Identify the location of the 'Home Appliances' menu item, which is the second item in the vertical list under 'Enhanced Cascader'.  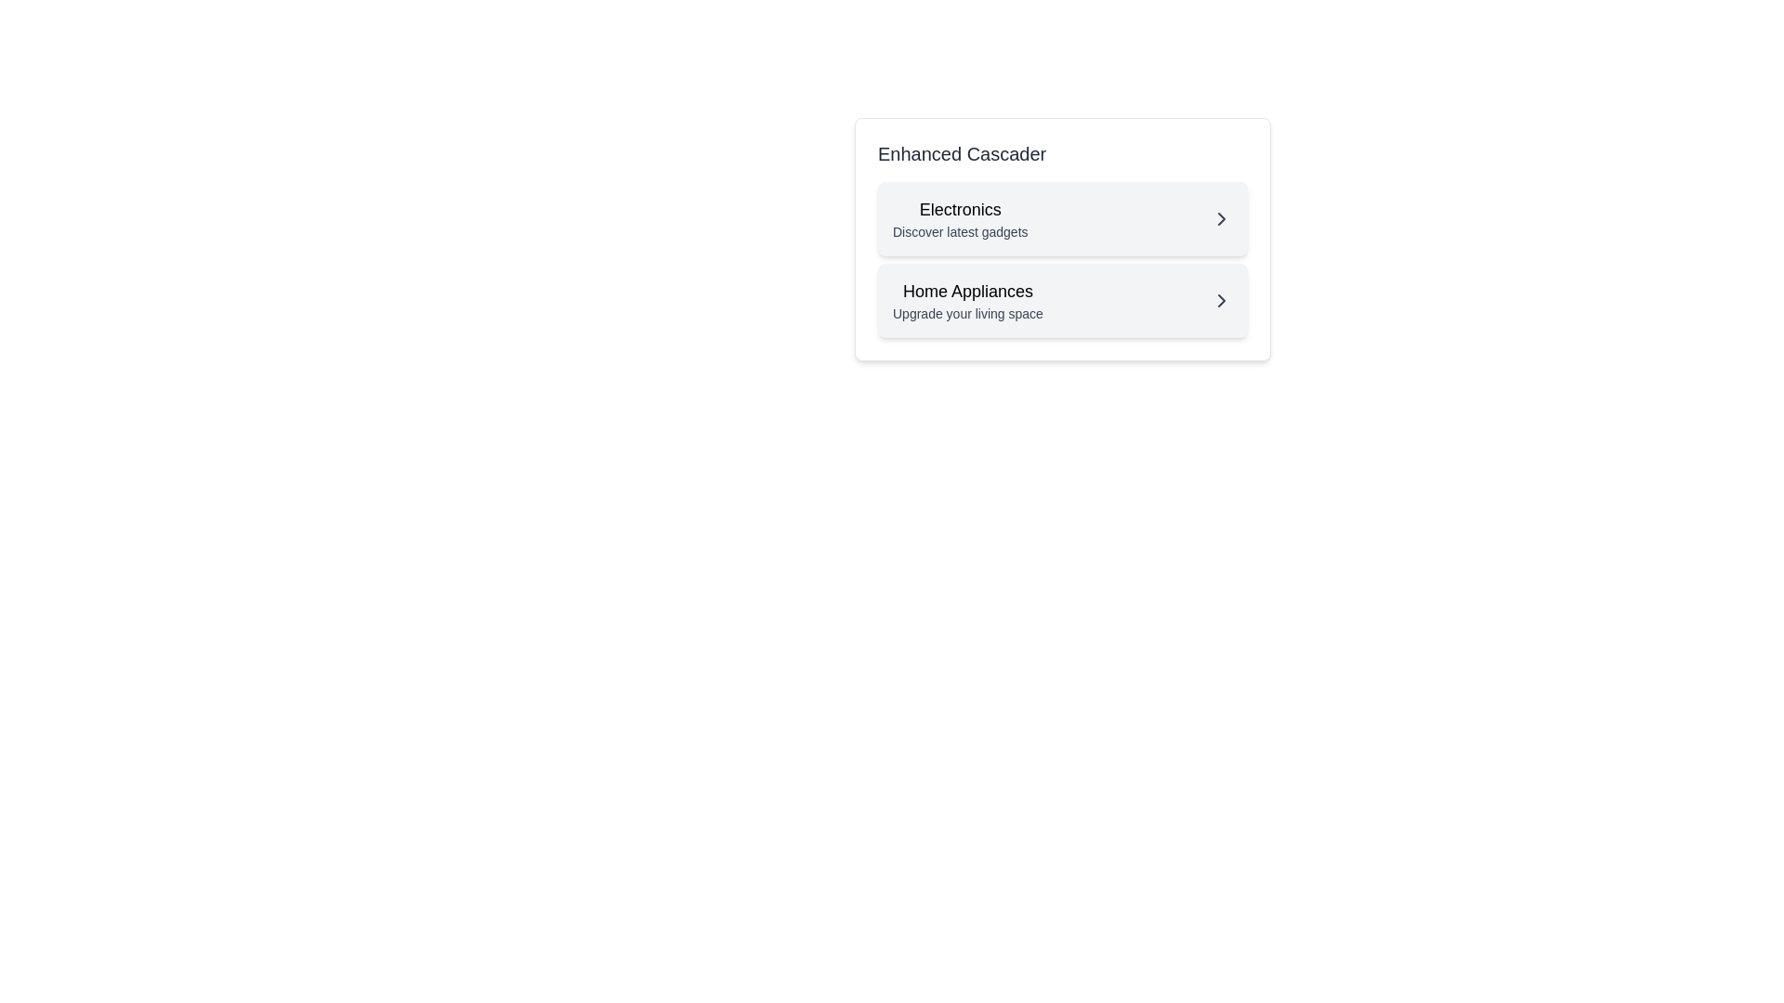
(1062, 300).